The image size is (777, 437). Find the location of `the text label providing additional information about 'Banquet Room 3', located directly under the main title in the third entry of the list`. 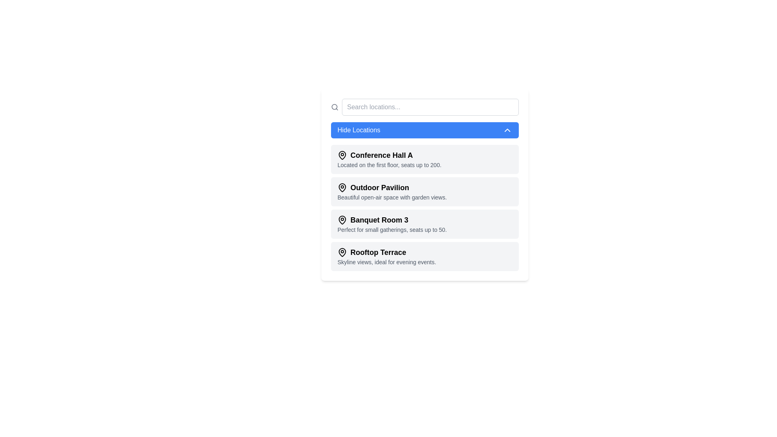

the text label providing additional information about 'Banquet Room 3', located directly under the main title in the third entry of the list is located at coordinates (392, 229).